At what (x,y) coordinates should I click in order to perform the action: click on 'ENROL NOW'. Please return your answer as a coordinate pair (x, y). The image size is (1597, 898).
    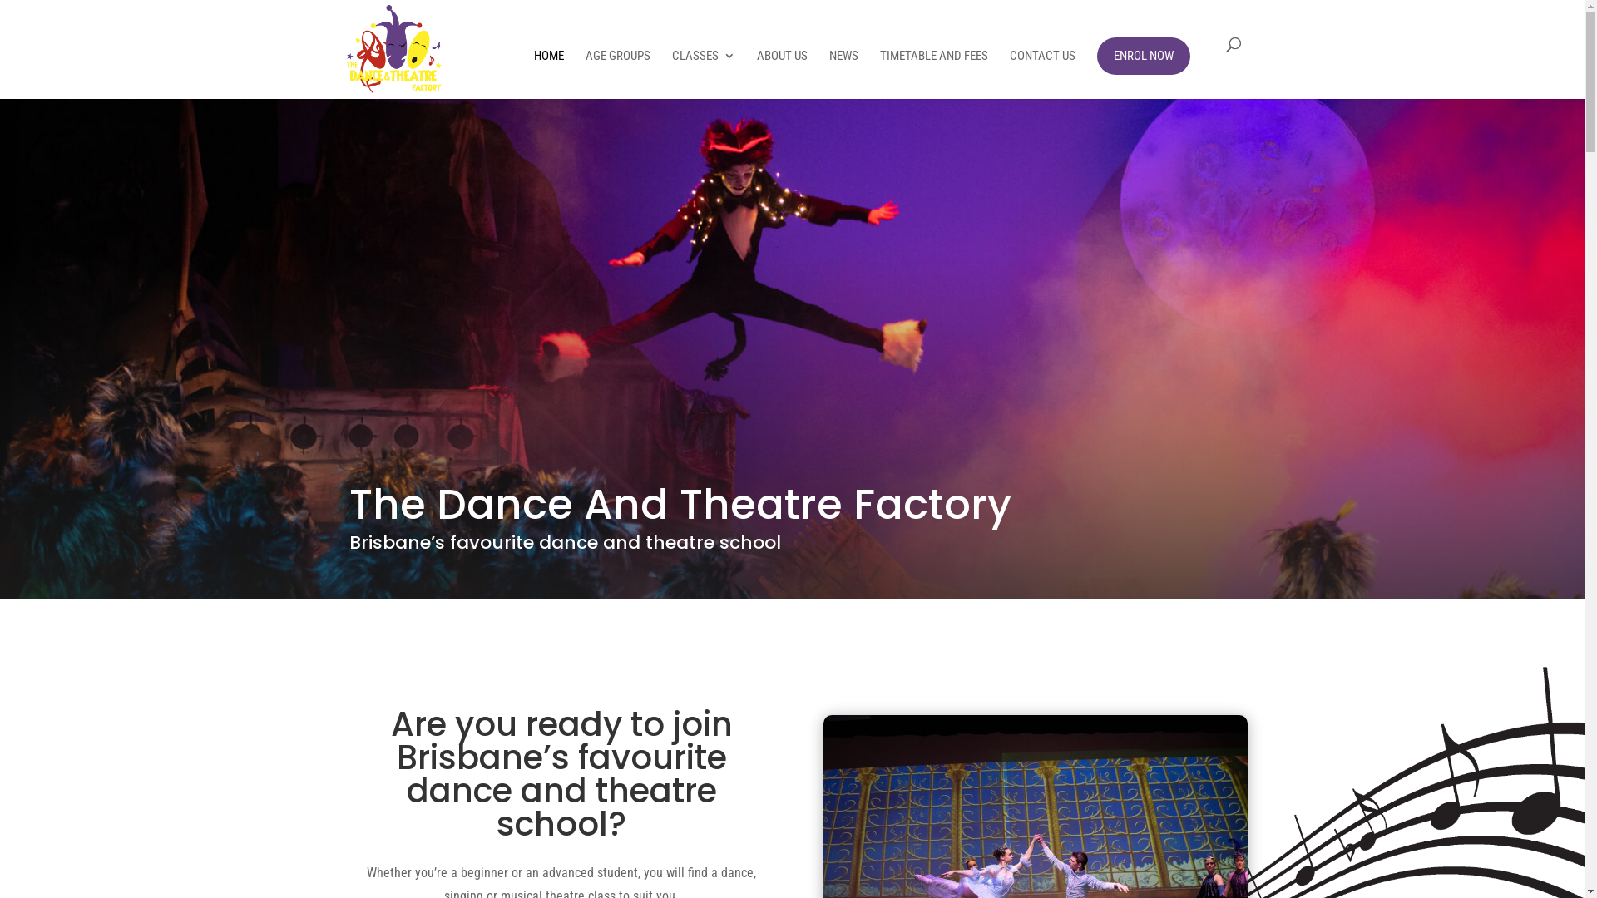
    Looking at the image, I should click on (1141, 55).